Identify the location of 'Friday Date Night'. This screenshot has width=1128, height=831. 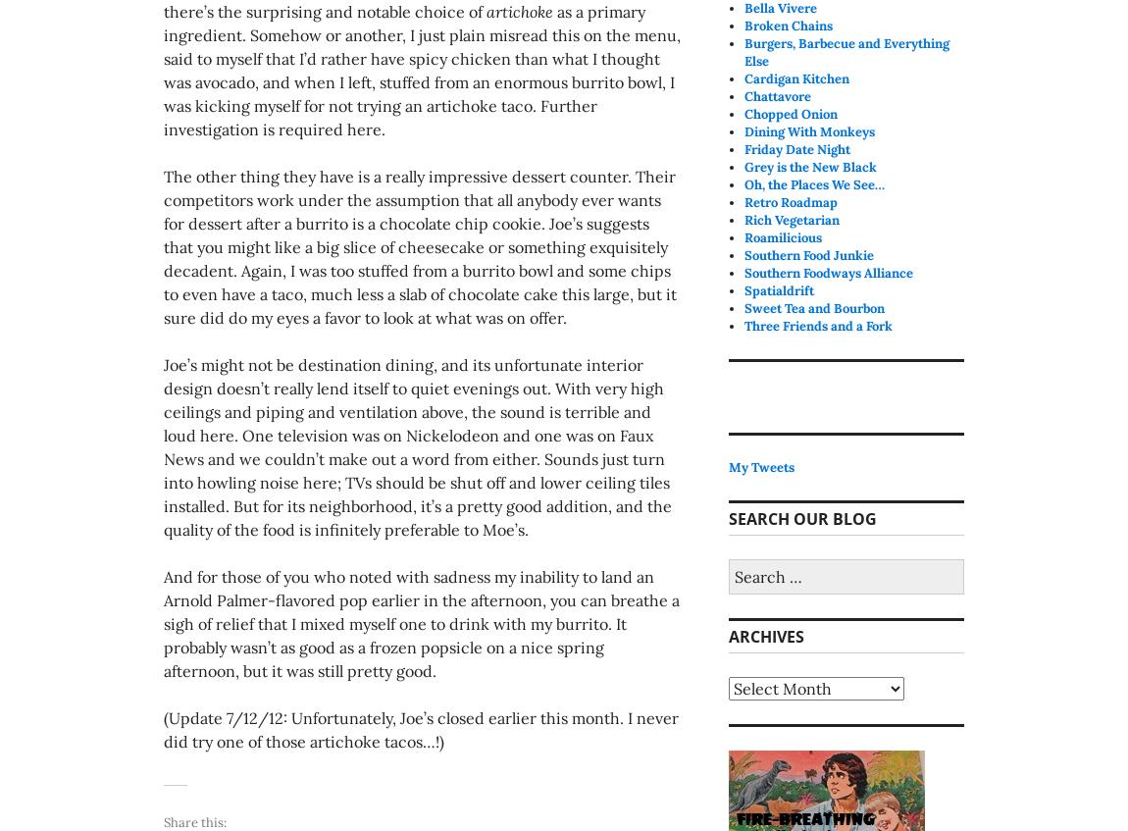
(796, 148).